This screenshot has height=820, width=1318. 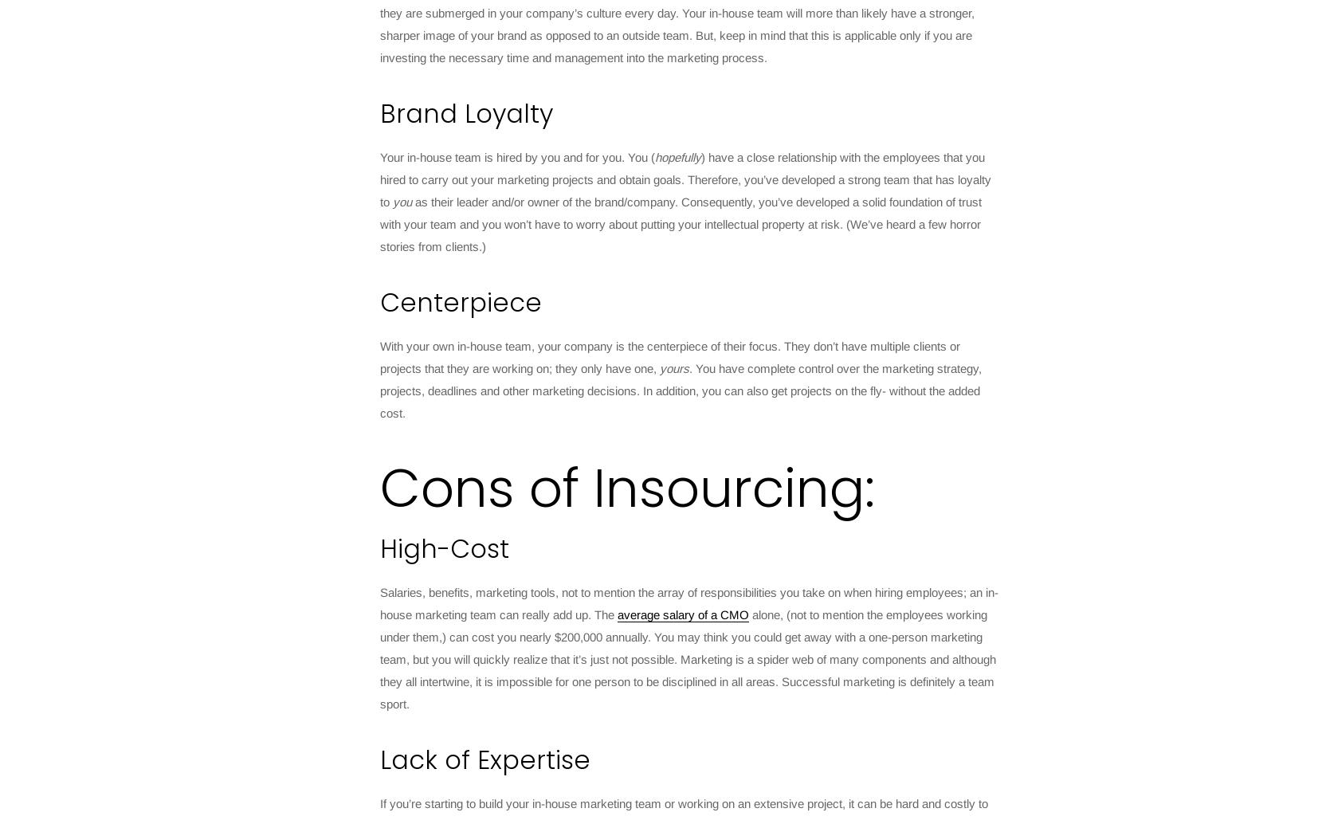 What do you see at coordinates (673, 368) in the screenshot?
I see `'yours'` at bounding box center [673, 368].